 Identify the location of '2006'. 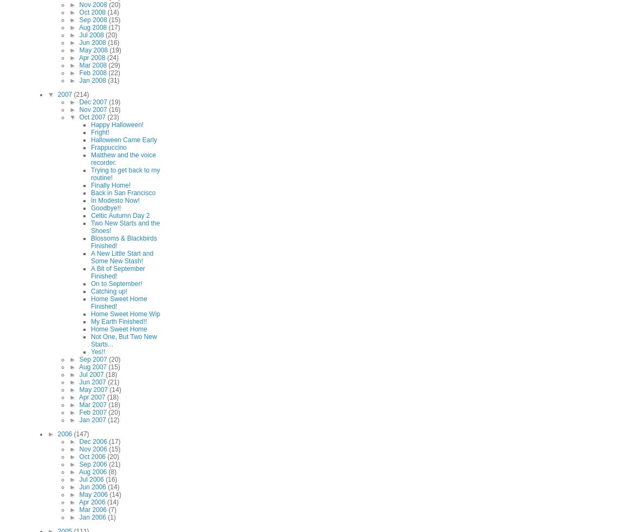
(65, 434).